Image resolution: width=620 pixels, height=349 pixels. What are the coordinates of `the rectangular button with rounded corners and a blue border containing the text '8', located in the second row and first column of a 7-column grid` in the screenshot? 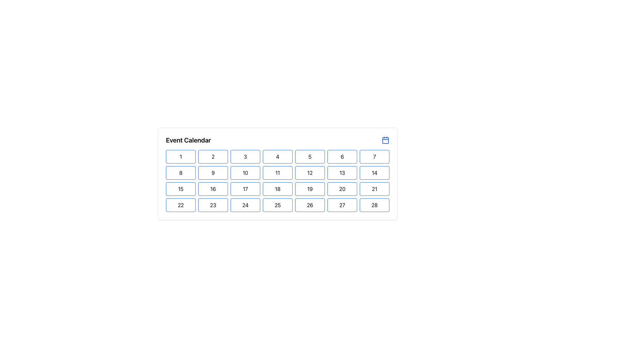 It's located at (181, 173).